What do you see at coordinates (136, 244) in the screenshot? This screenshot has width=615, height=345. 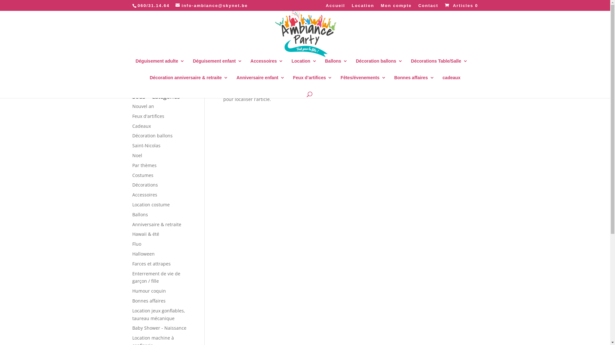 I see `'Fluo'` at bounding box center [136, 244].